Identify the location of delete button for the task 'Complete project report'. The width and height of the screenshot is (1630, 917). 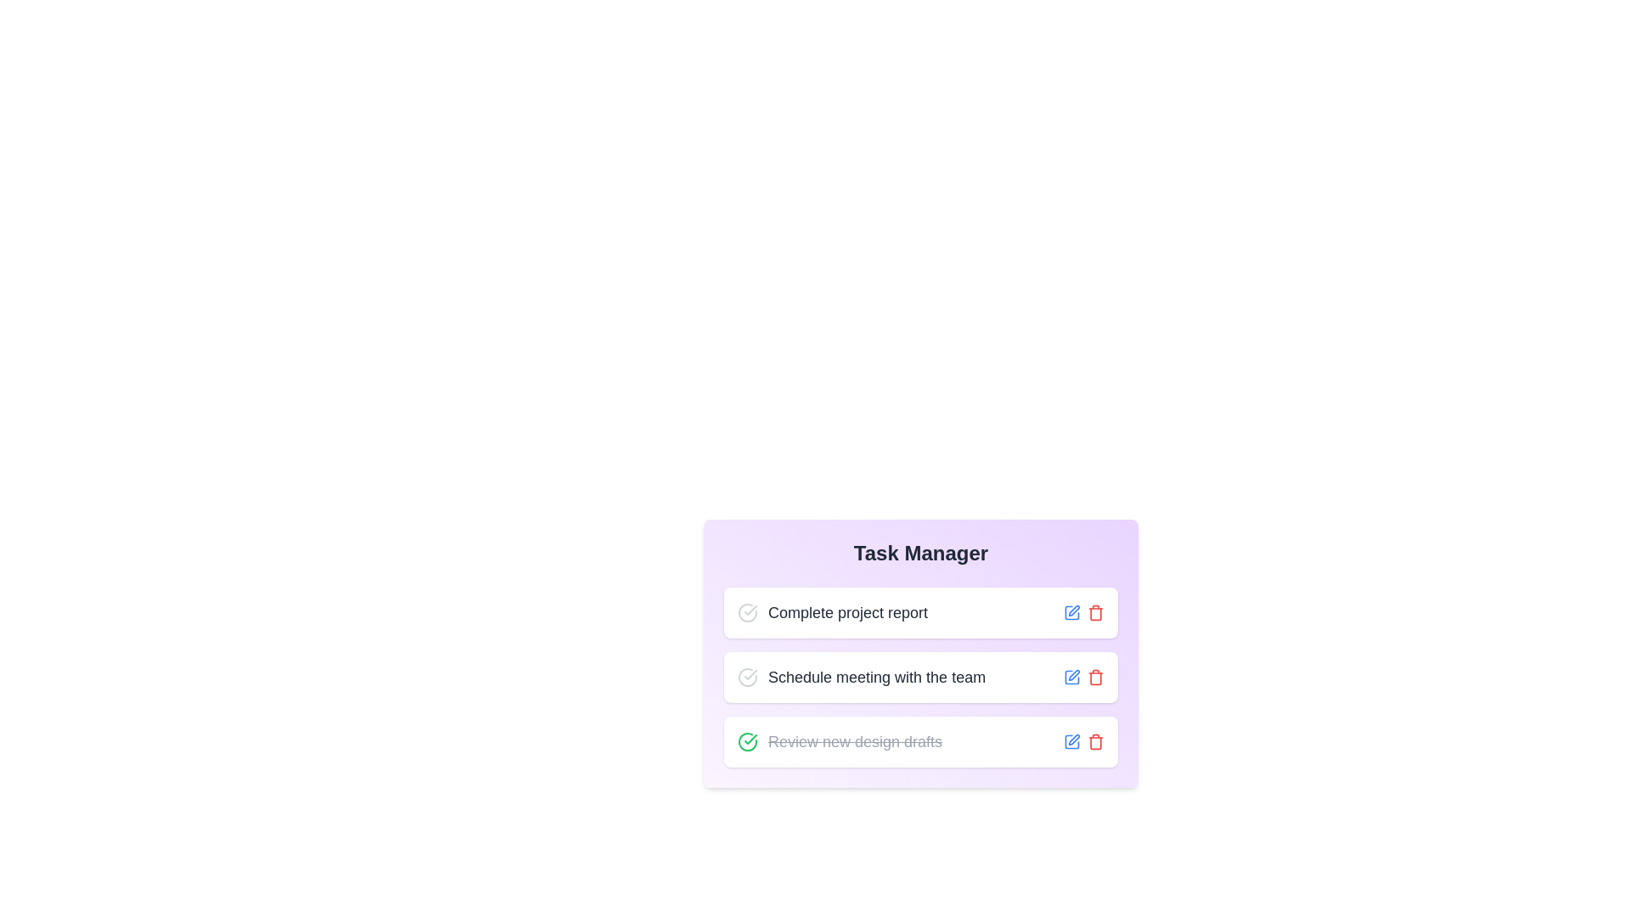
(1096, 612).